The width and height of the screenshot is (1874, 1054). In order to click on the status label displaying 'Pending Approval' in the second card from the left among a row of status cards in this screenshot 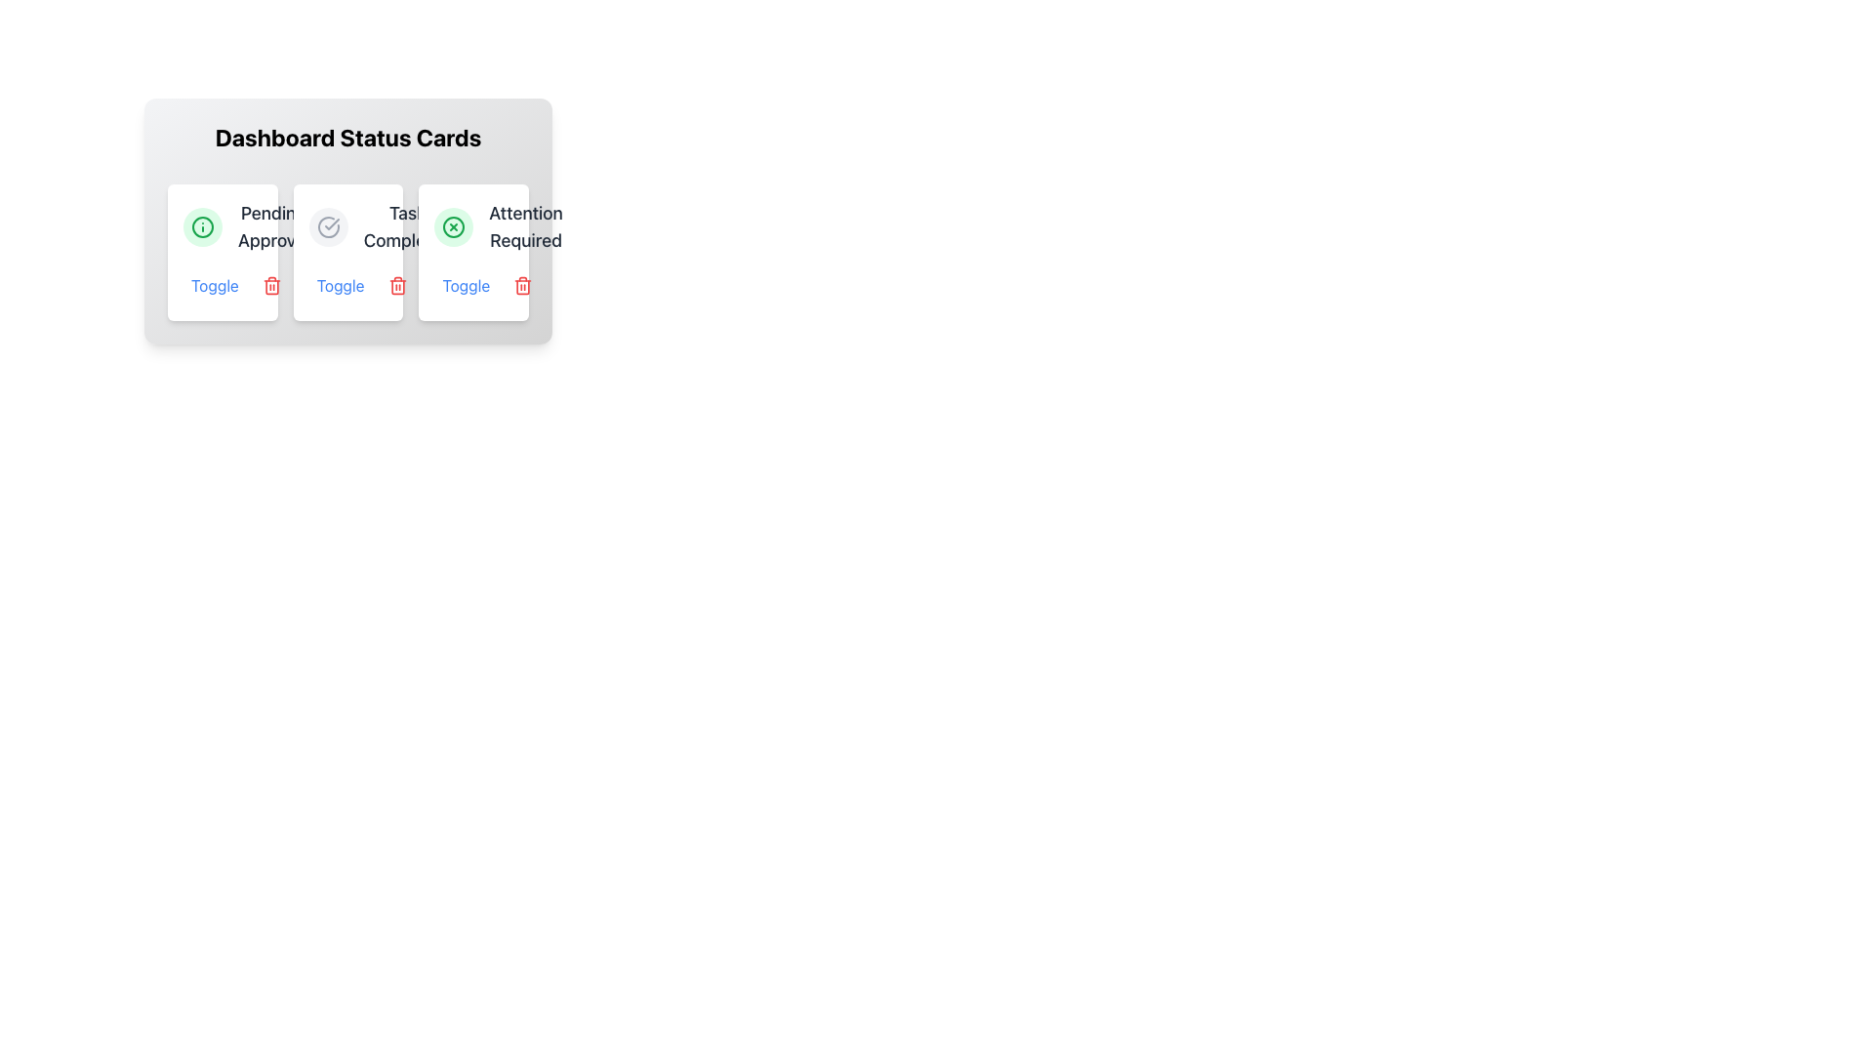, I will do `click(272, 225)`.